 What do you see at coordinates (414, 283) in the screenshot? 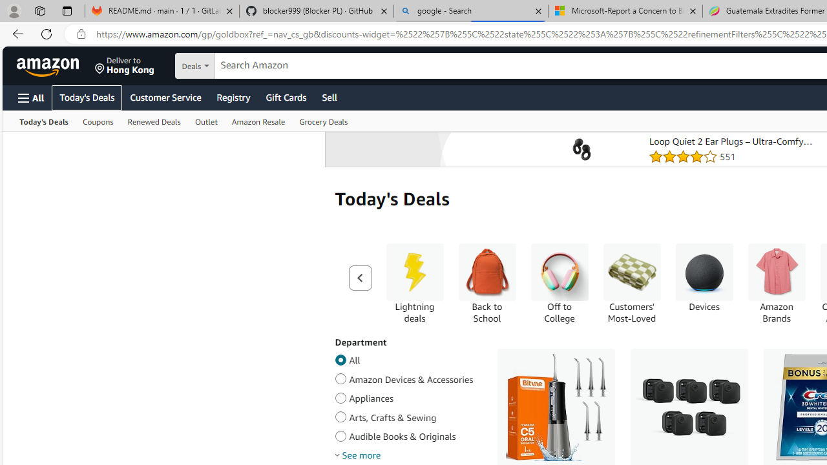
I see `'Lightning deals Lightning deals'` at bounding box center [414, 283].